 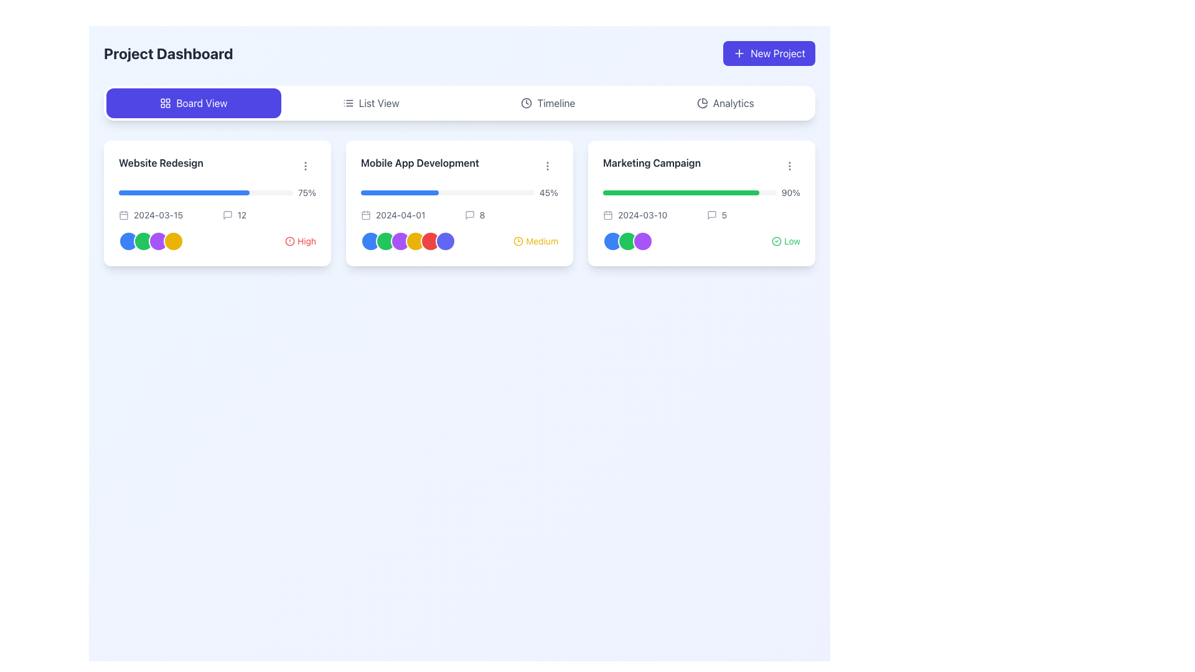 What do you see at coordinates (143, 241) in the screenshot?
I see `the color of the second circular icon representing a 'green' status under the 'Website Redesign' card in the dashboard` at bounding box center [143, 241].